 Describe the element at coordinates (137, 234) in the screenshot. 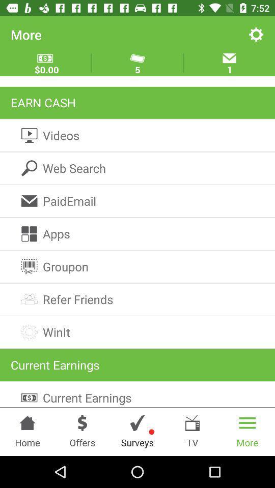

I see `apps icon` at that location.